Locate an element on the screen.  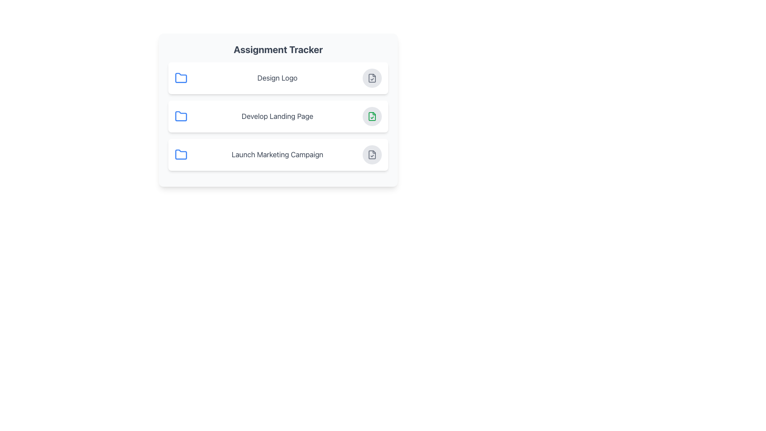
the graphic icon indicating completion or approval of the 'Design Logo' task is located at coordinates (371, 78).